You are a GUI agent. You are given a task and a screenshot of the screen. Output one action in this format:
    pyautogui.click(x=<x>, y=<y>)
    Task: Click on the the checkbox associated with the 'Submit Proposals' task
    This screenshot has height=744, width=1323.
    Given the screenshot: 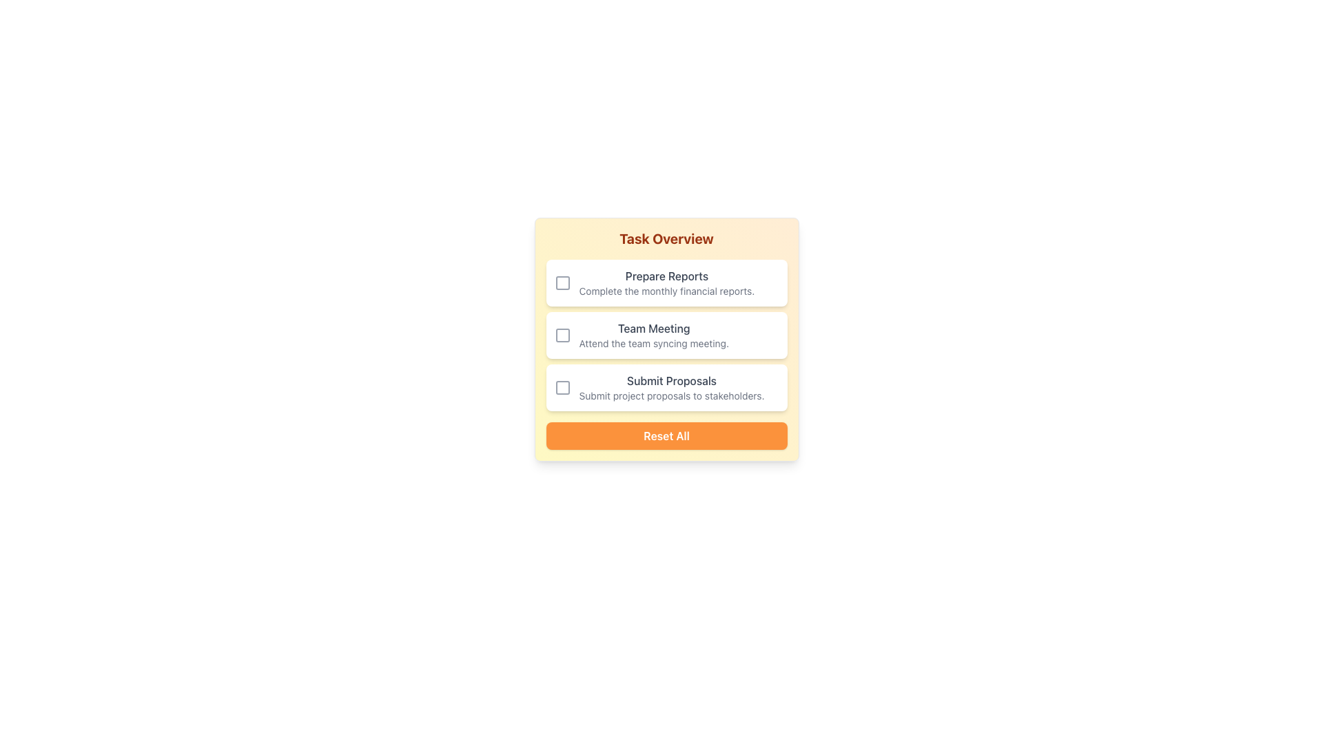 What is the action you would take?
    pyautogui.click(x=562, y=388)
    